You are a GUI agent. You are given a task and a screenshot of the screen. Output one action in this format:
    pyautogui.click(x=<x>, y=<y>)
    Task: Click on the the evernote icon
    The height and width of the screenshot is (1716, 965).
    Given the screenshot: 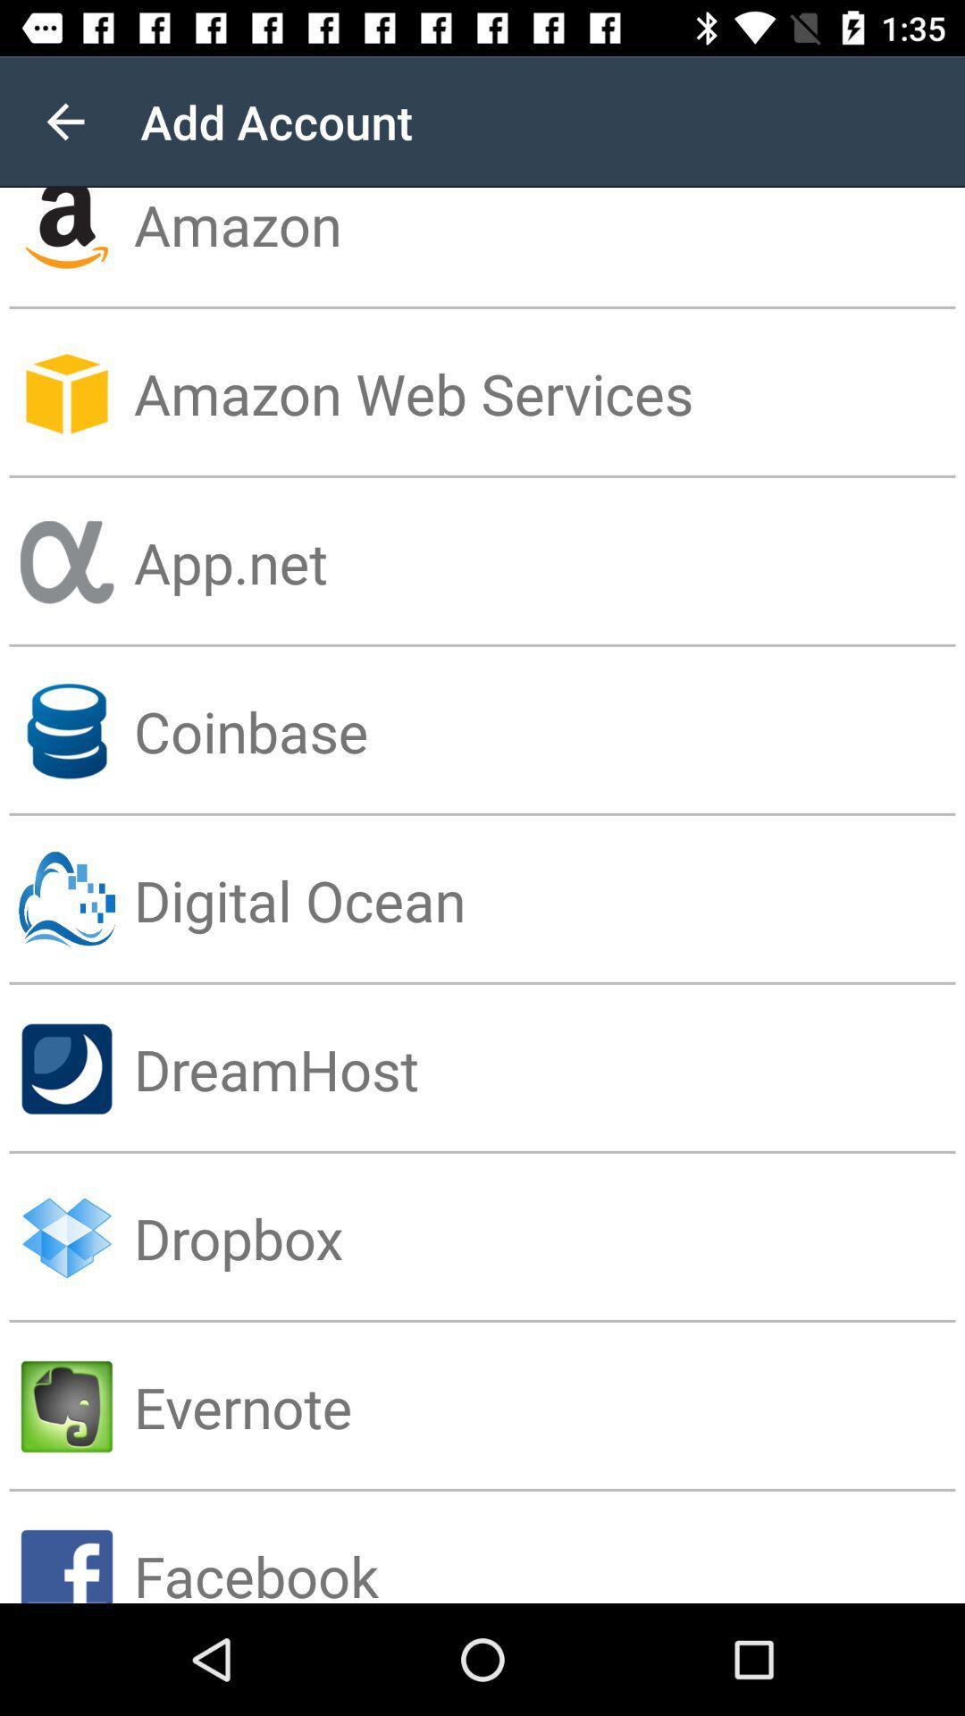 What is the action you would take?
    pyautogui.click(x=548, y=1406)
    